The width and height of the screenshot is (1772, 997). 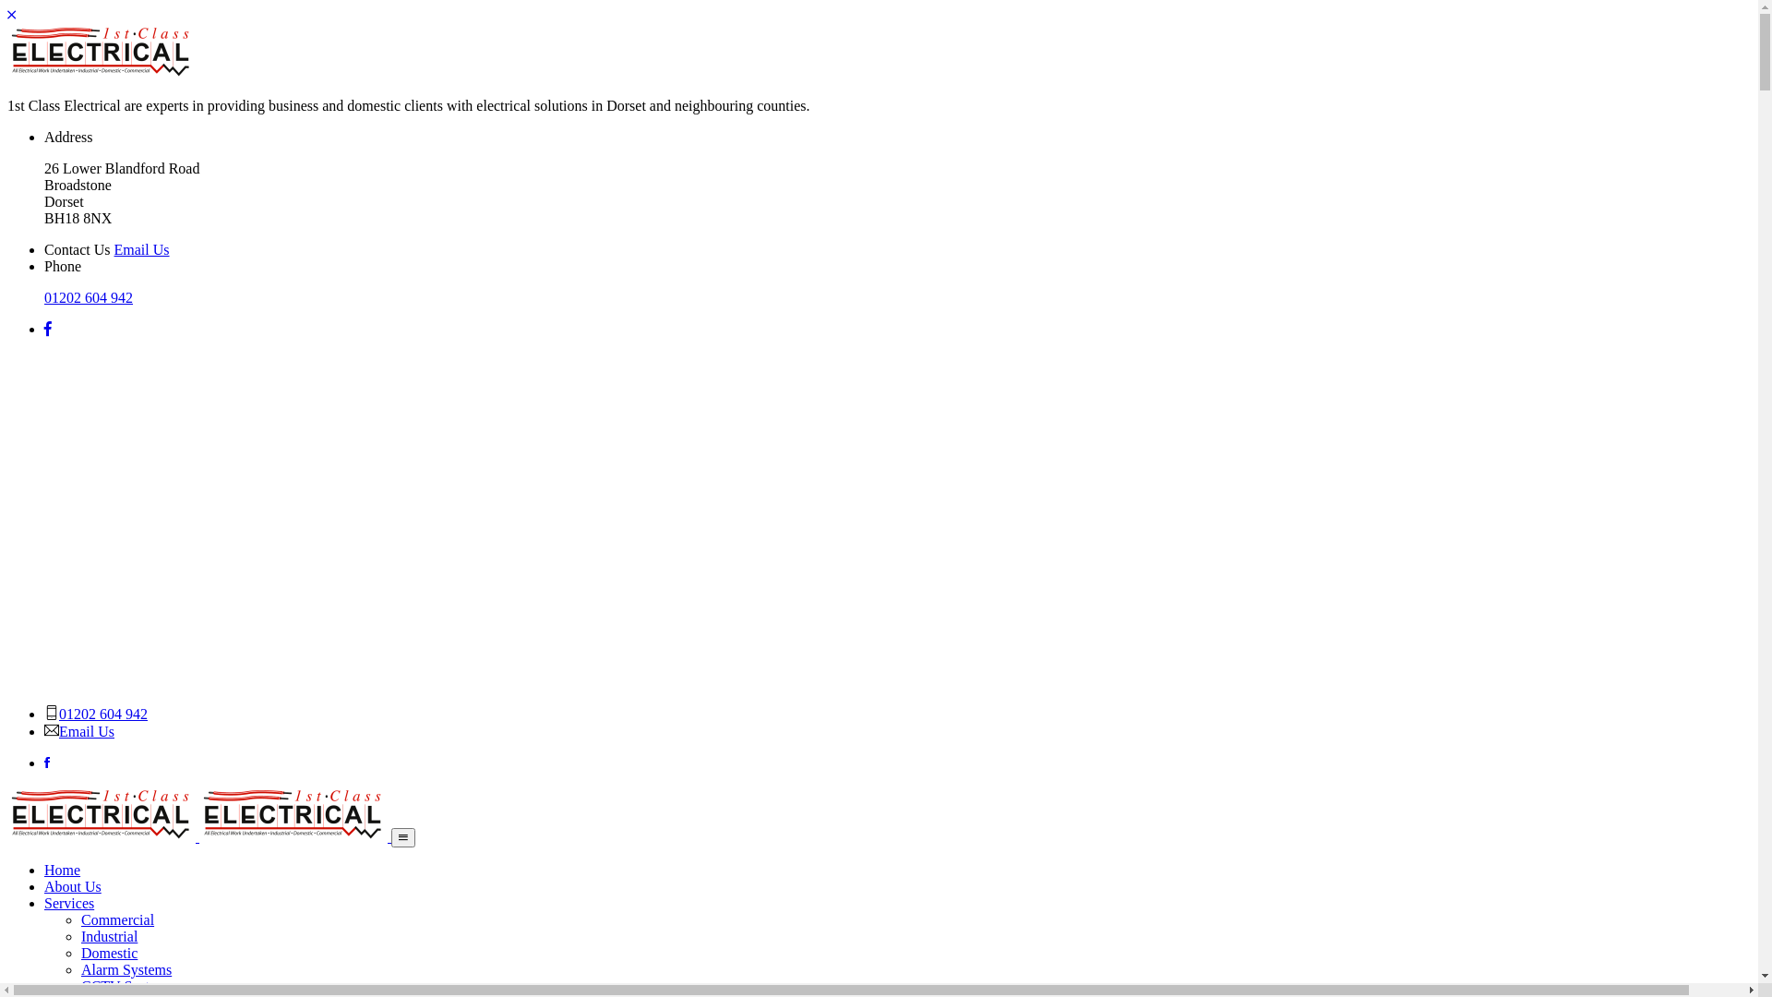 I want to click on 'Commercial', so click(x=116, y=919).